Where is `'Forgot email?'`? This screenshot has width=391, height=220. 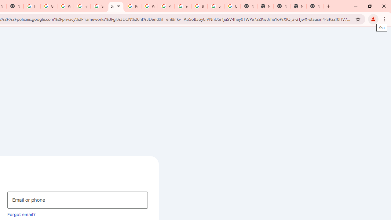
'Forgot email?' is located at coordinates (21, 214).